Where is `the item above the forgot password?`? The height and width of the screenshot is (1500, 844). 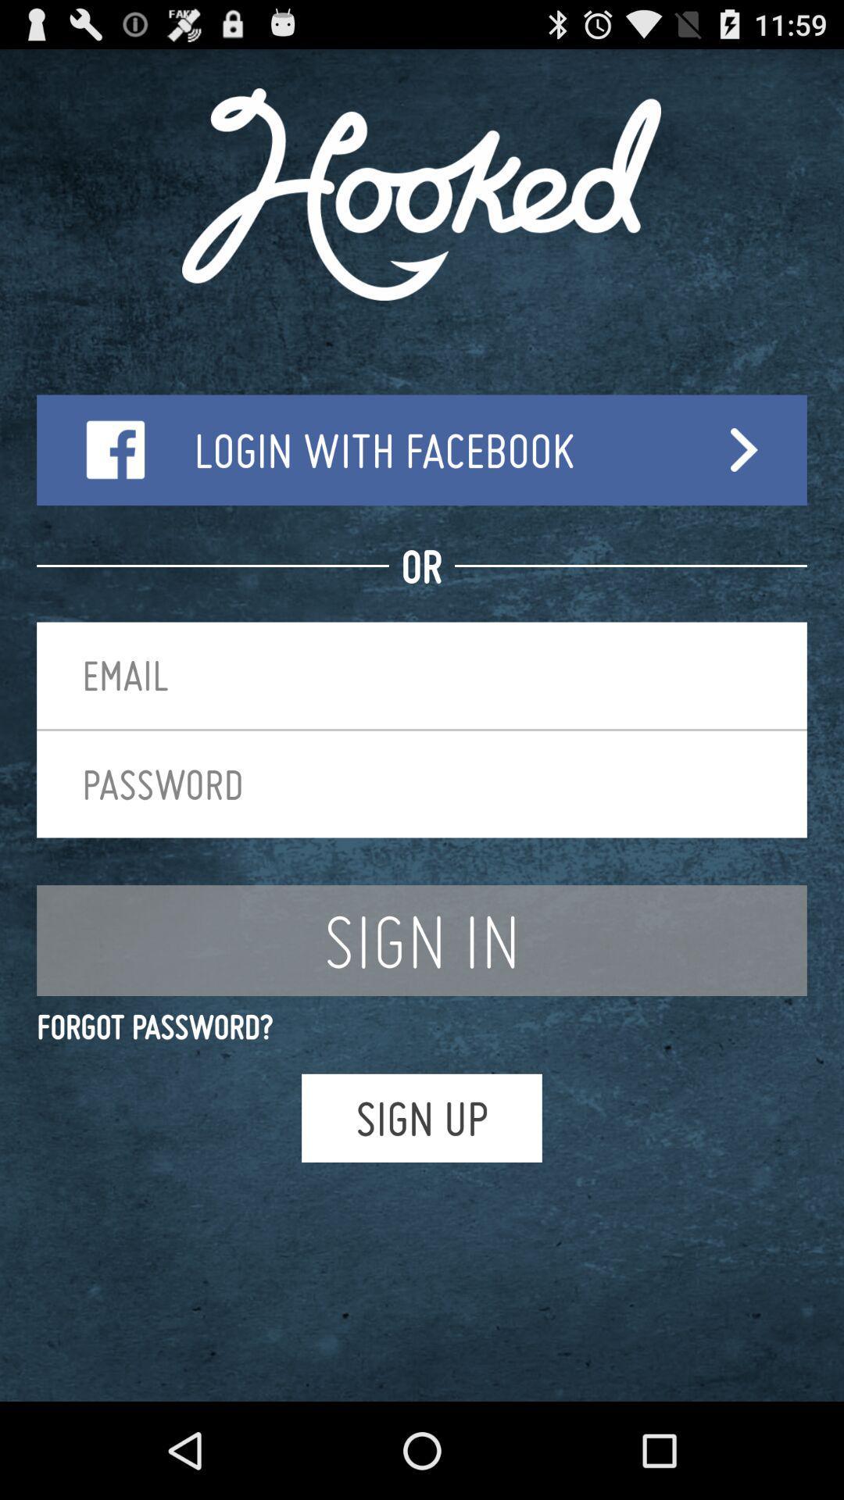
the item above the forgot password? is located at coordinates (422, 940).